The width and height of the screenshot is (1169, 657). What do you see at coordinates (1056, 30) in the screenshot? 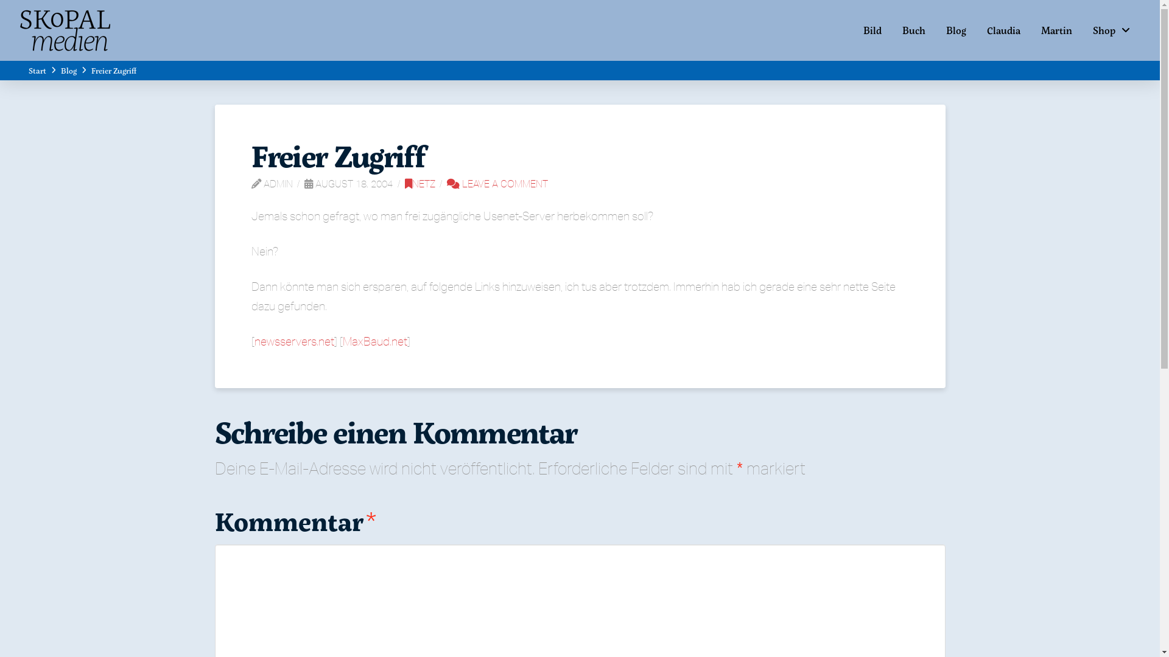
I see `'Martin'` at bounding box center [1056, 30].